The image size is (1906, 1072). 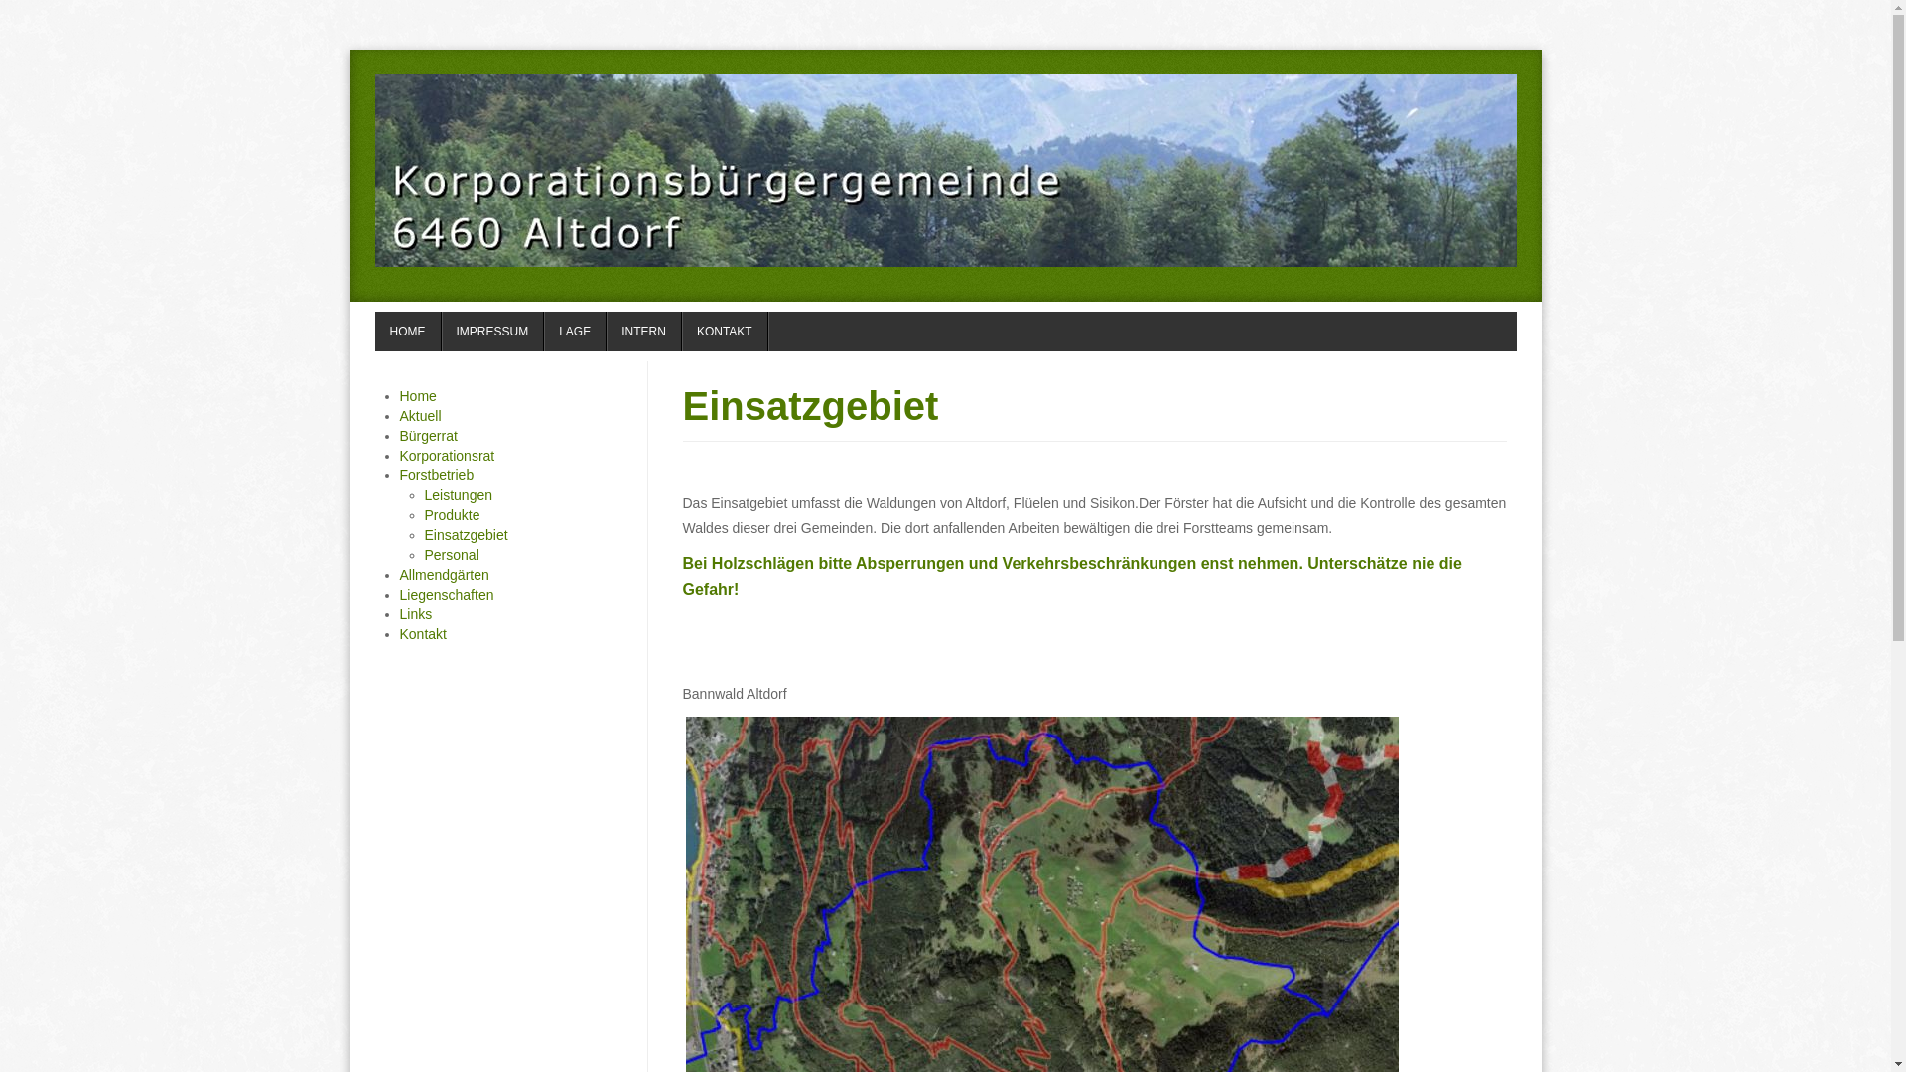 I want to click on 'IMPRESSUM', so click(x=491, y=331).